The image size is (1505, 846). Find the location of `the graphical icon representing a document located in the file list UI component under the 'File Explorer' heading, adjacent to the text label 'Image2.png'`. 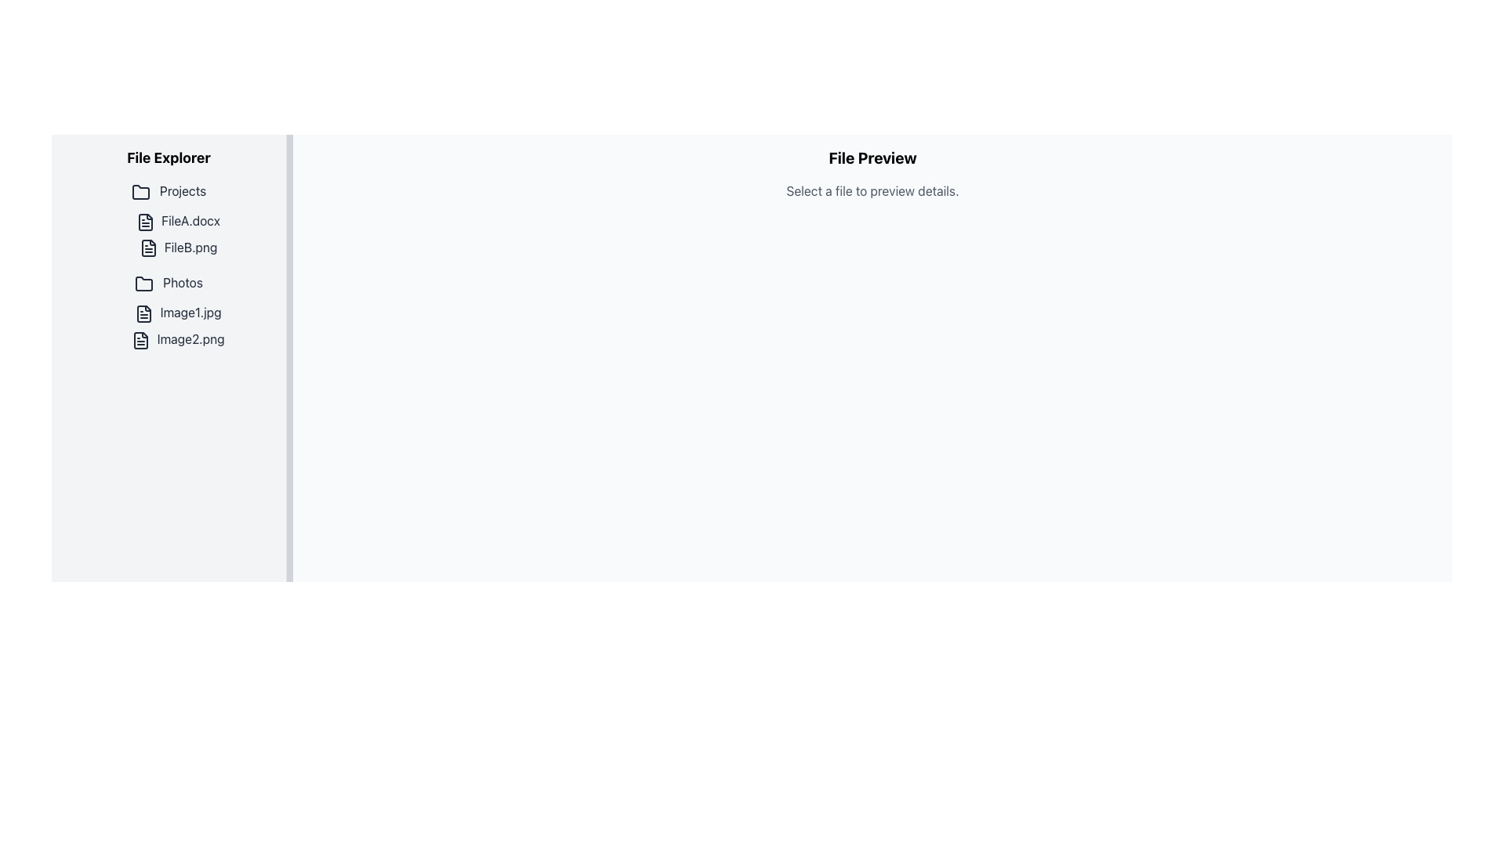

the graphical icon representing a document located in the file list UI component under the 'File Explorer' heading, adjacent to the text label 'Image2.png' is located at coordinates (141, 339).